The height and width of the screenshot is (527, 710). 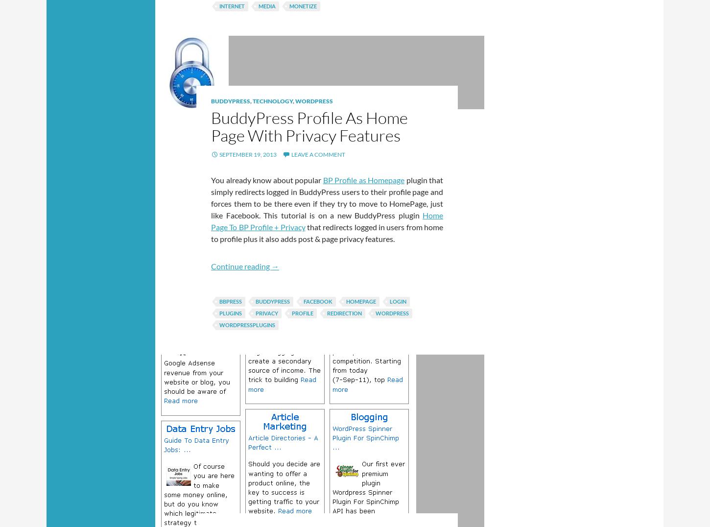 I want to click on 'Plugins', so click(x=230, y=312).